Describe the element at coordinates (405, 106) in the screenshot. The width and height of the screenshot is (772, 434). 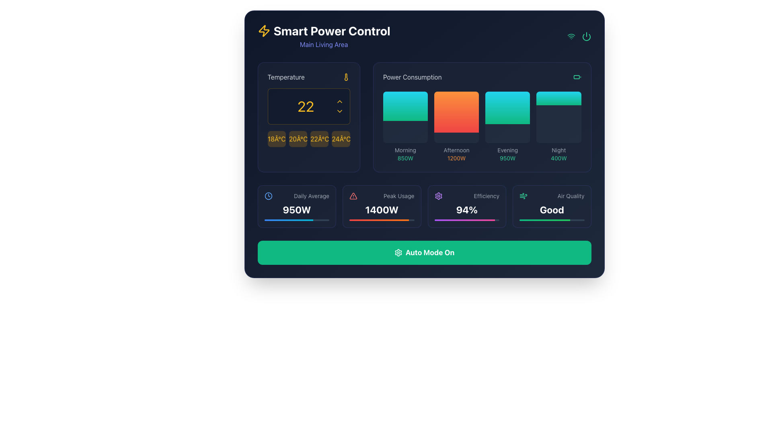
I see `the first graphical bar representing power consumption for the 'Morning' timeframe in the upper-right area of the interface` at that location.